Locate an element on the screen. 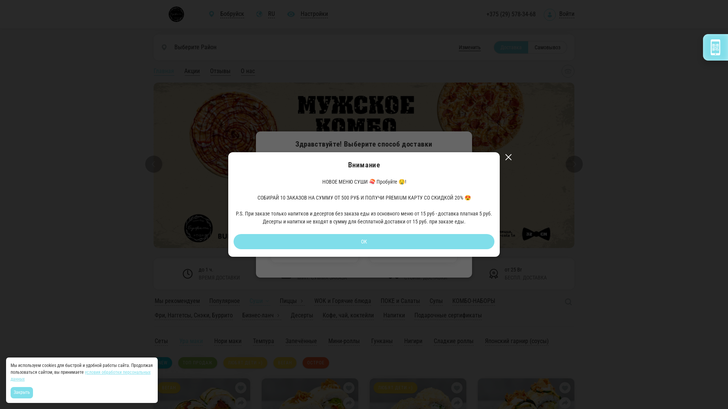  '+375 (29) 578-34-68' is located at coordinates (511, 14).